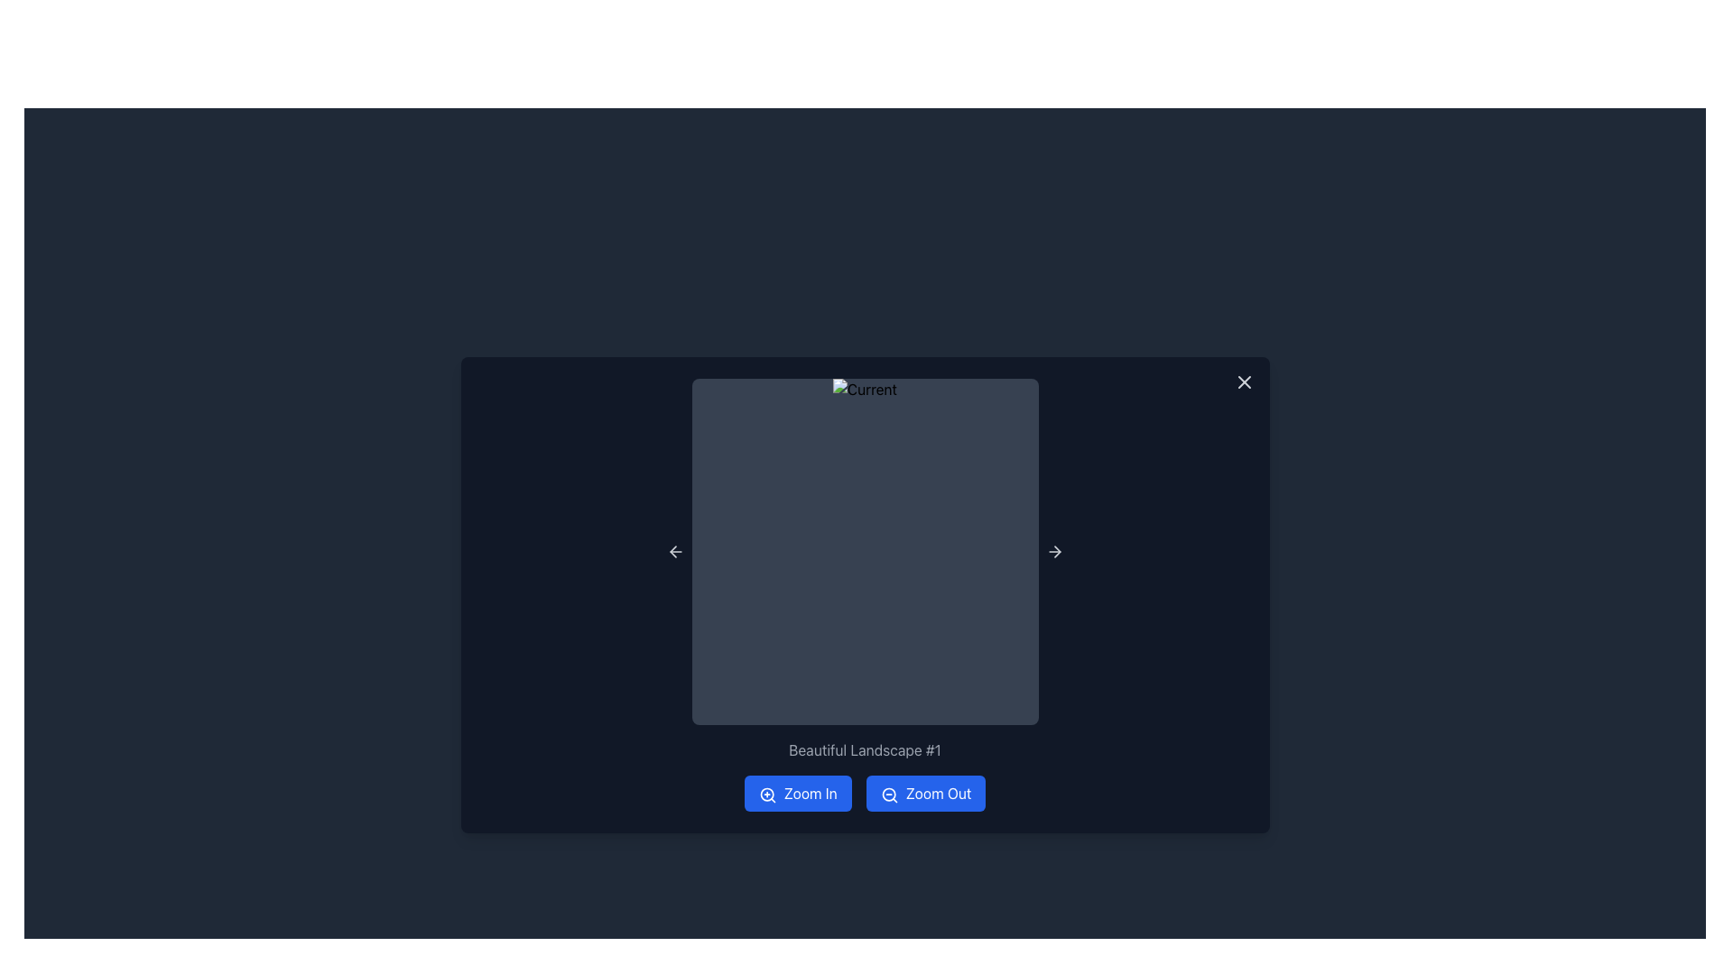 This screenshot has height=974, width=1733. Describe the element at coordinates (674, 551) in the screenshot. I see `the left navigation arrow button` at that location.